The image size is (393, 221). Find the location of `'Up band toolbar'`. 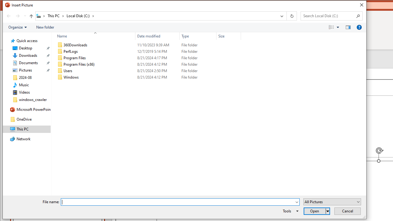

'Up band toolbar' is located at coordinates (31, 17).